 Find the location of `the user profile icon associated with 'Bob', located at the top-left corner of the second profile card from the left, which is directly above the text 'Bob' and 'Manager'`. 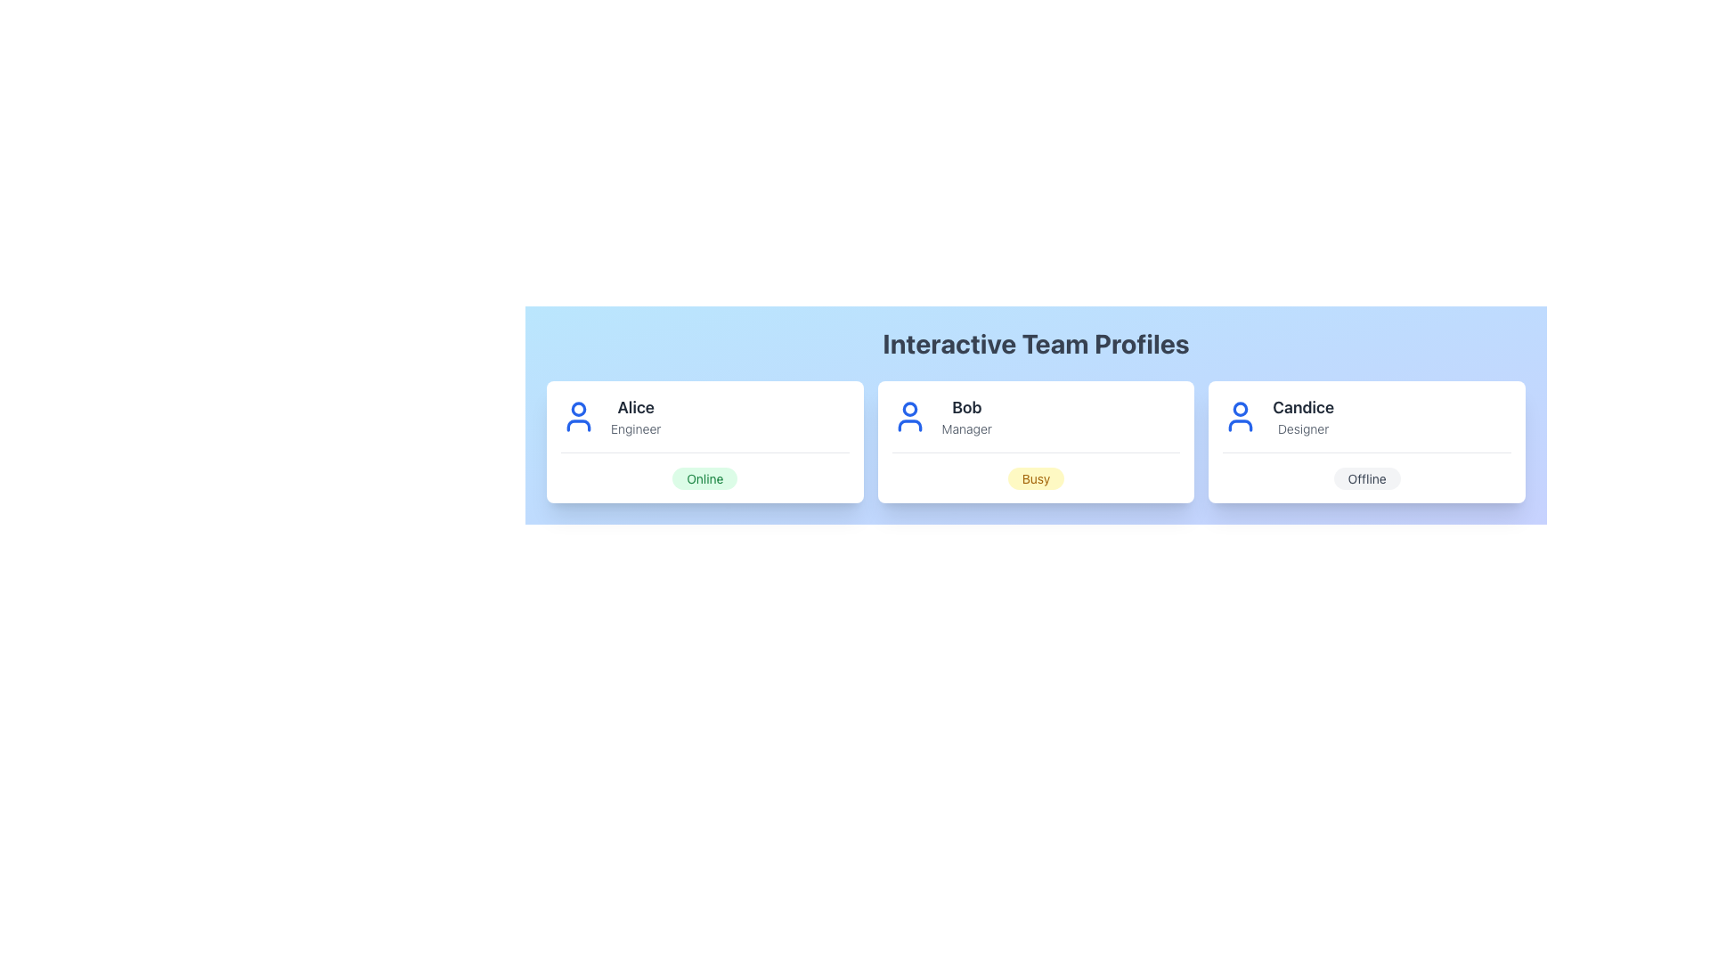

the user profile icon associated with 'Bob', located at the top-left corner of the second profile card from the left, which is directly above the text 'Bob' and 'Manager' is located at coordinates (909, 416).